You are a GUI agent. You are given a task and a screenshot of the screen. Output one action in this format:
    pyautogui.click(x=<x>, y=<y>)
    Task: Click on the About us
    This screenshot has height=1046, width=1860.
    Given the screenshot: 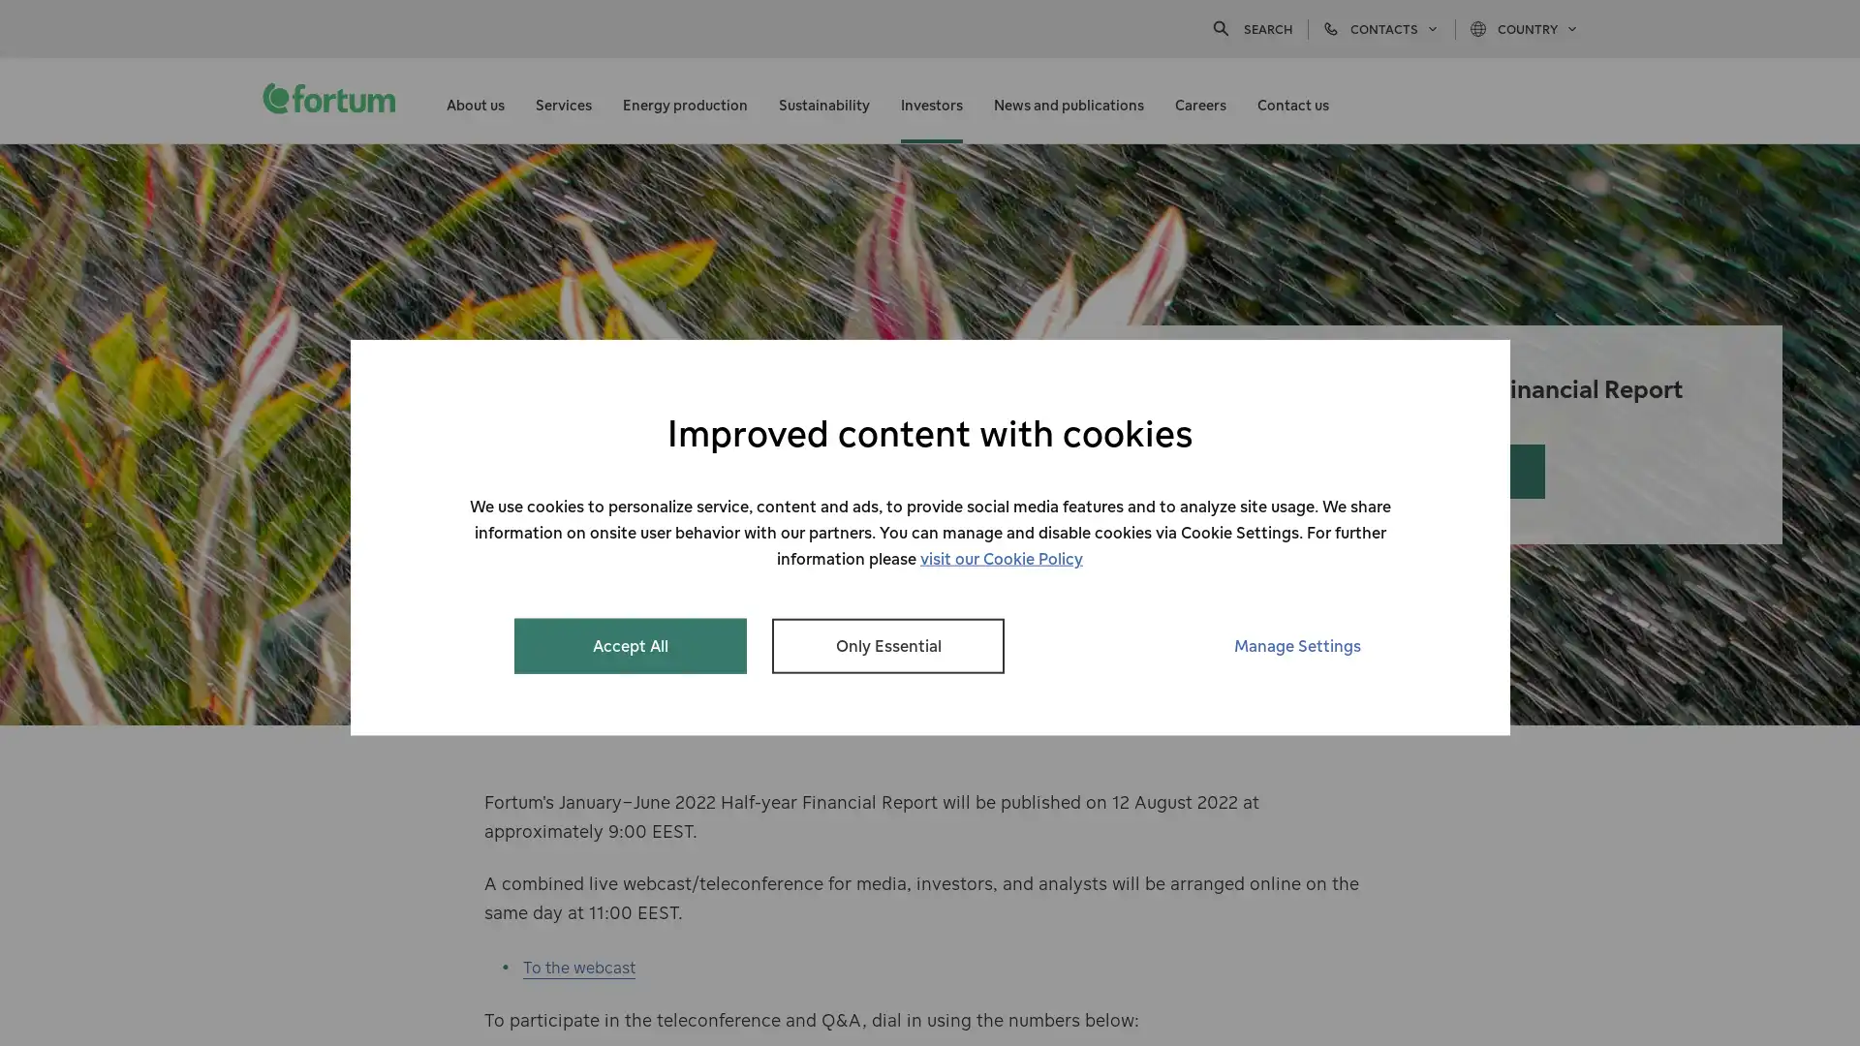 What is the action you would take?
    pyautogui.click(x=475, y=101)
    